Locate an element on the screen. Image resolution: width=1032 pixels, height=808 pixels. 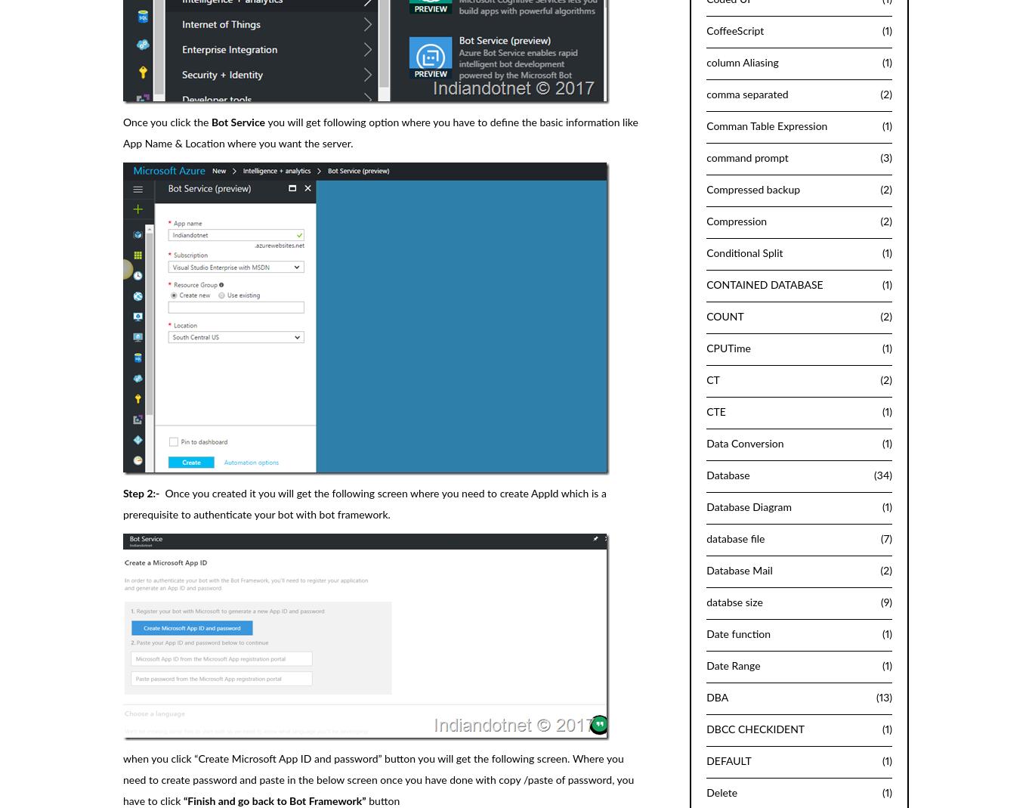
'Comman Table Expression' is located at coordinates (766, 125).